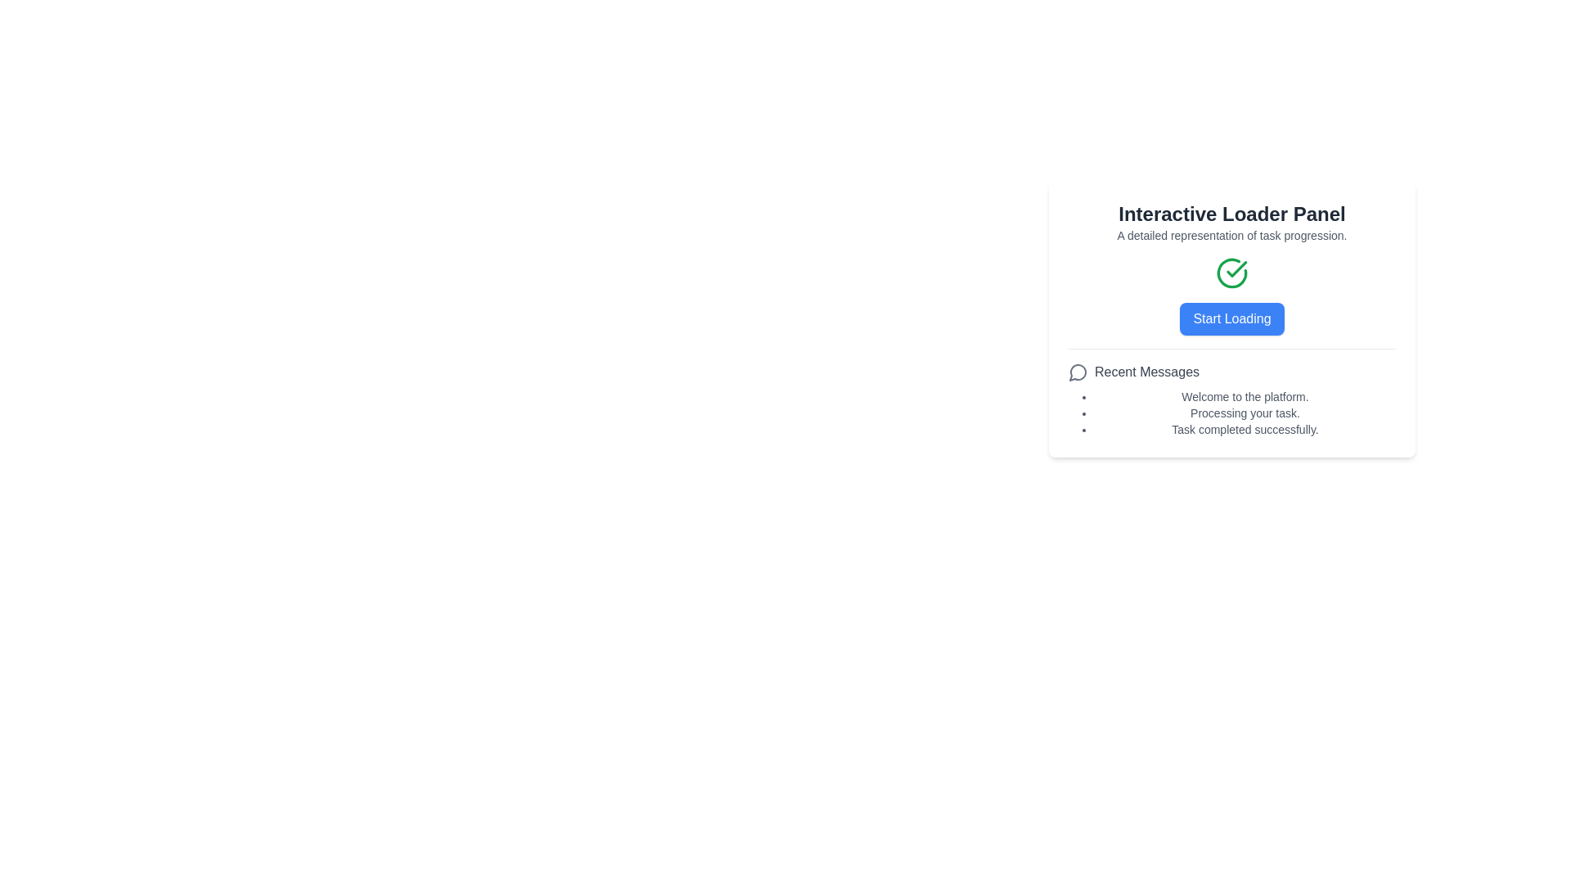 This screenshot has height=884, width=1571. What do you see at coordinates (1078, 372) in the screenshot?
I see `the small gray circular speech bubble icon in the 'Recent Messages' section to trigger the tooltip or focus effect` at bounding box center [1078, 372].